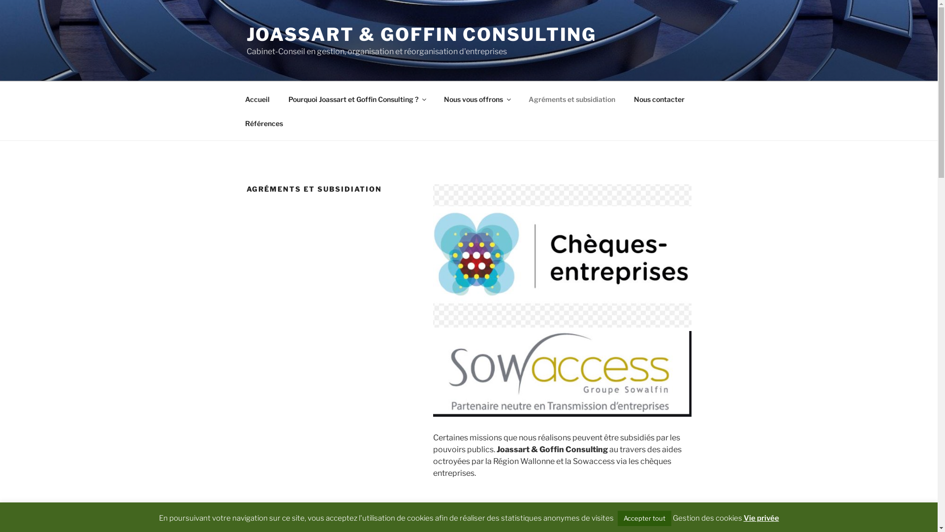 This screenshot has height=532, width=945. What do you see at coordinates (706, 518) in the screenshot?
I see `'Gestion des cookies'` at bounding box center [706, 518].